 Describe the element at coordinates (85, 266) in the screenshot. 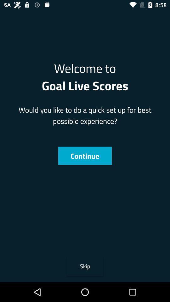

I see `skip icon` at that location.